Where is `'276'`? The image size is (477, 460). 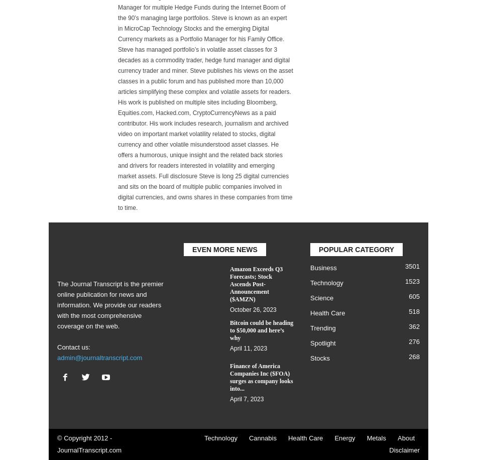 '276' is located at coordinates (413, 341).